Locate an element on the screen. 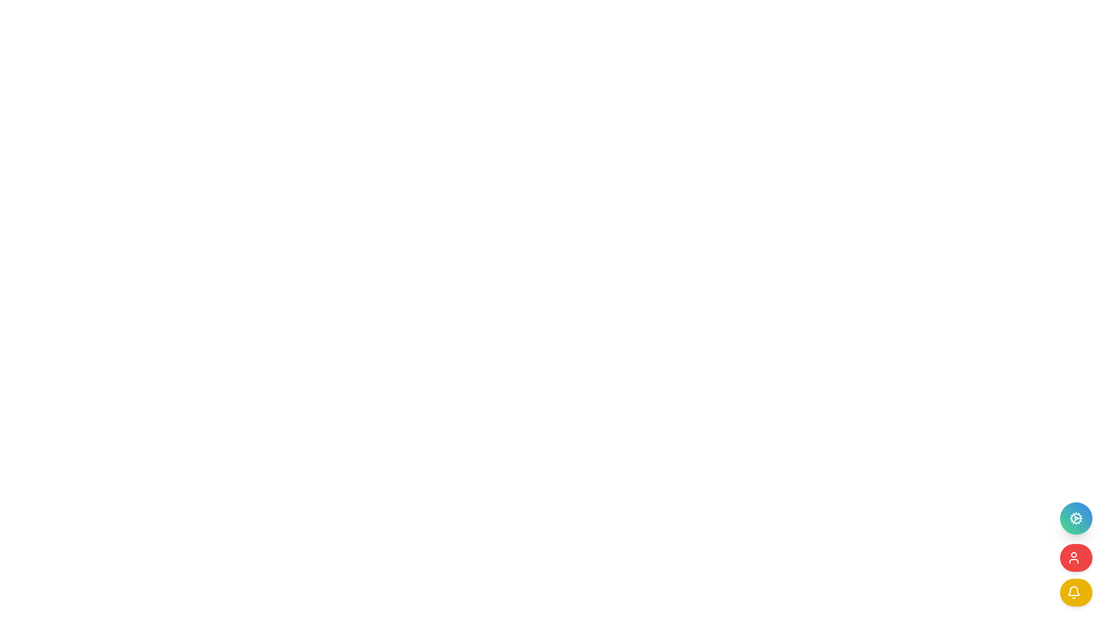 This screenshot has width=1111, height=625. the settings icon button located at the bottom-right corner of the interface is located at coordinates (1076, 517).